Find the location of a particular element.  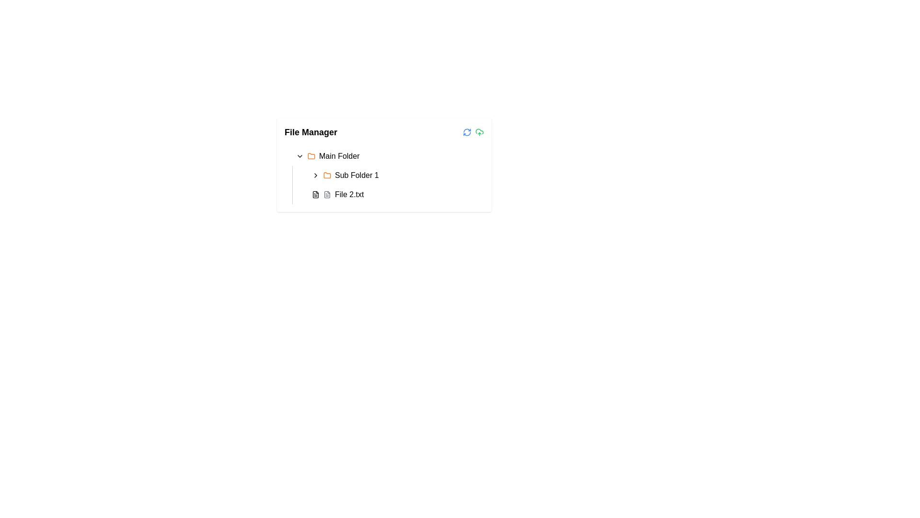

the 'Sub Folder 1' folder item is located at coordinates (392, 185).